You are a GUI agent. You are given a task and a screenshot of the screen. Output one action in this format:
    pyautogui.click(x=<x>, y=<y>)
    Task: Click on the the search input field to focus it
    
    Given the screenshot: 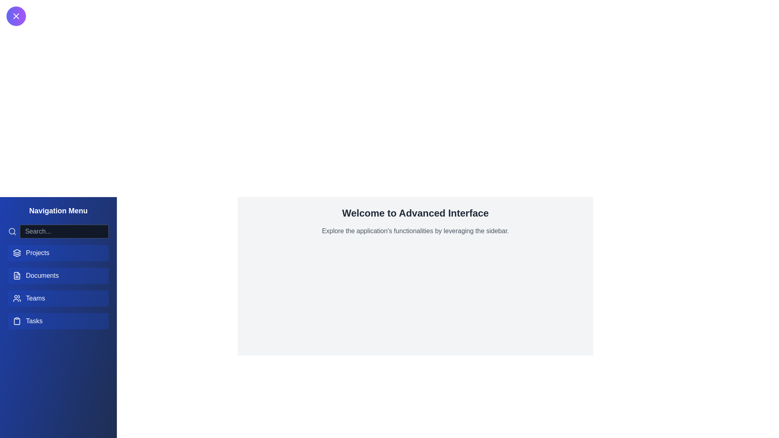 What is the action you would take?
    pyautogui.click(x=64, y=231)
    